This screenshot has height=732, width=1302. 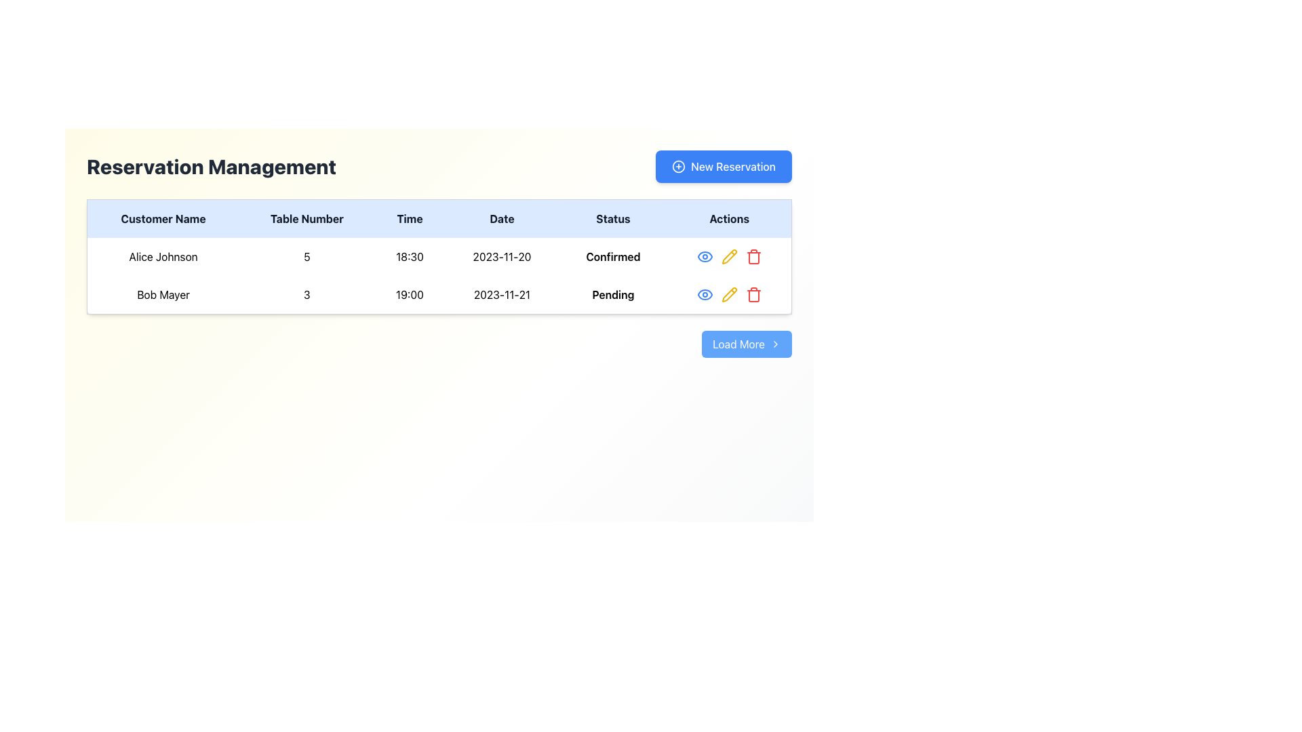 I want to click on the edit action icon in the 'Actions' column of the first row of the reservation table, which is flanked by a blue eye icon on the left and a red trash icon on the right, so click(x=728, y=256).